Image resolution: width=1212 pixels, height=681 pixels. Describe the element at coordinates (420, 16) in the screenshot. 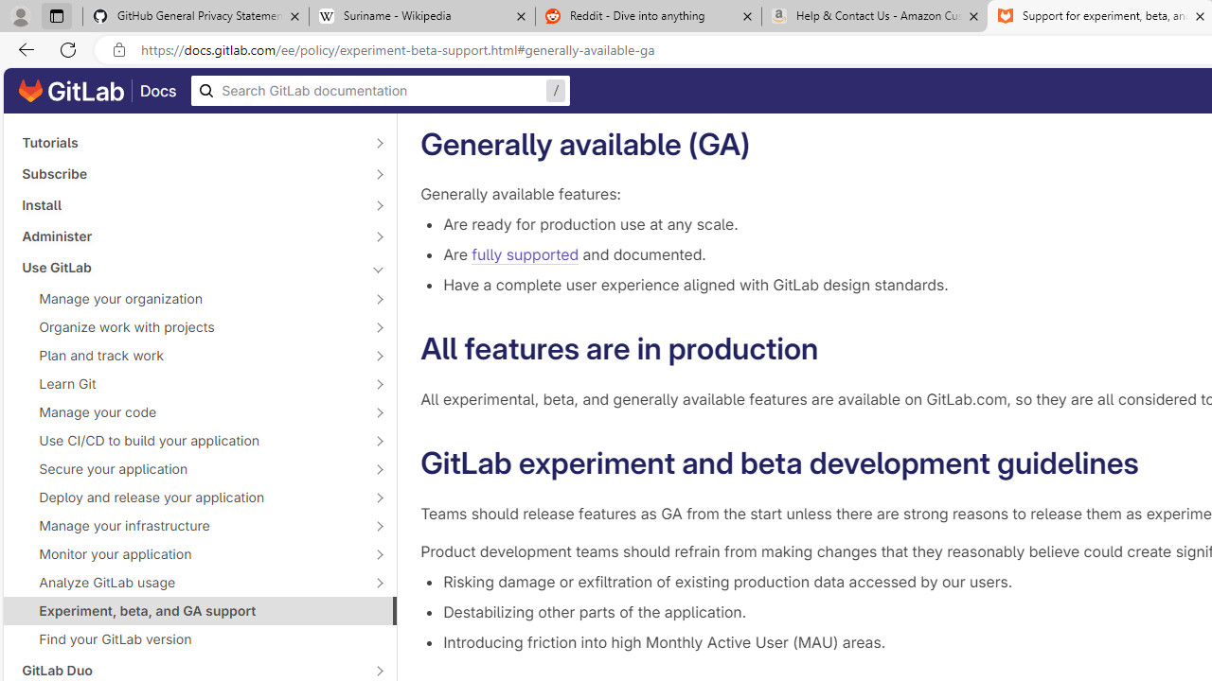

I see `'Suriname - Wikipedia'` at that location.